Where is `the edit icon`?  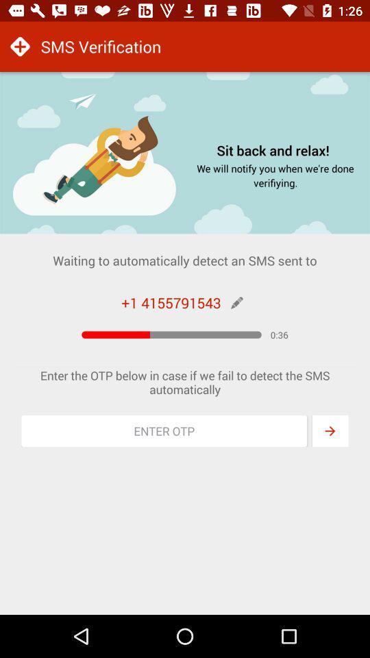 the edit icon is located at coordinates (236, 303).